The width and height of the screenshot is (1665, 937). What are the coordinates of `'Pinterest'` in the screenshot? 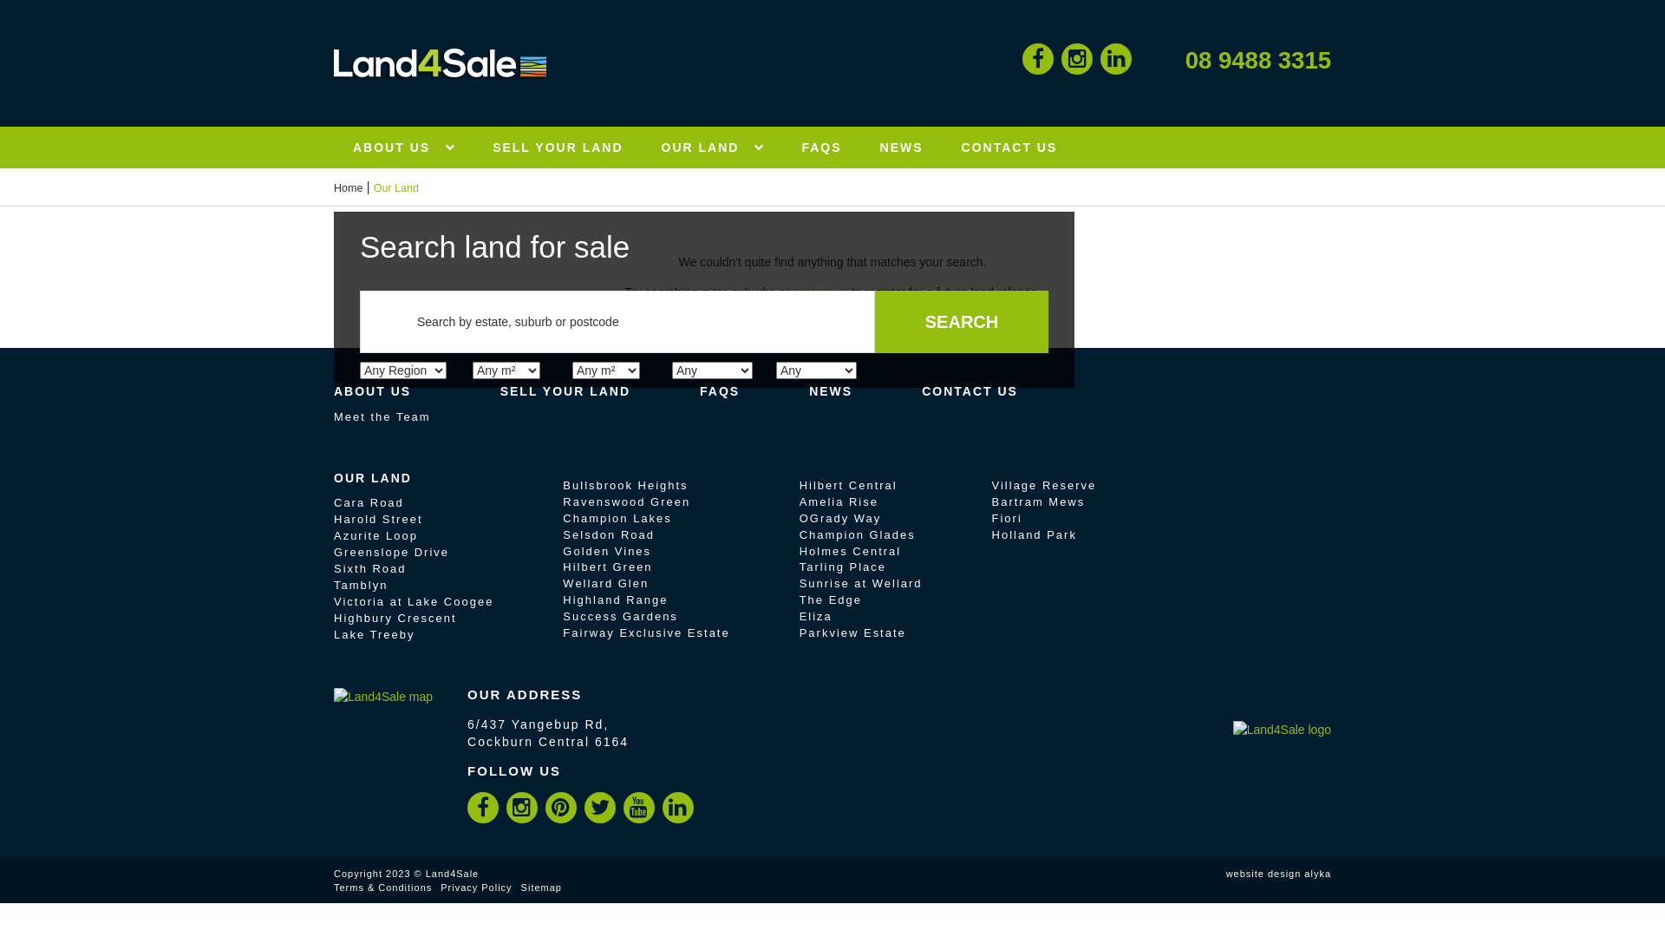 It's located at (550, 806).